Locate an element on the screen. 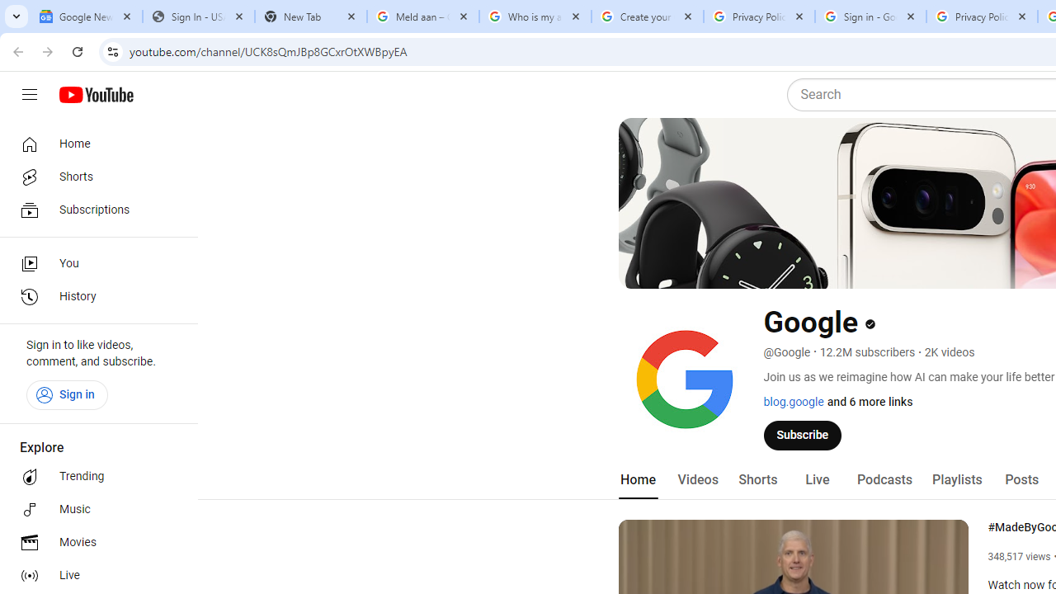  'Posts' is located at coordinates (1021, 479).